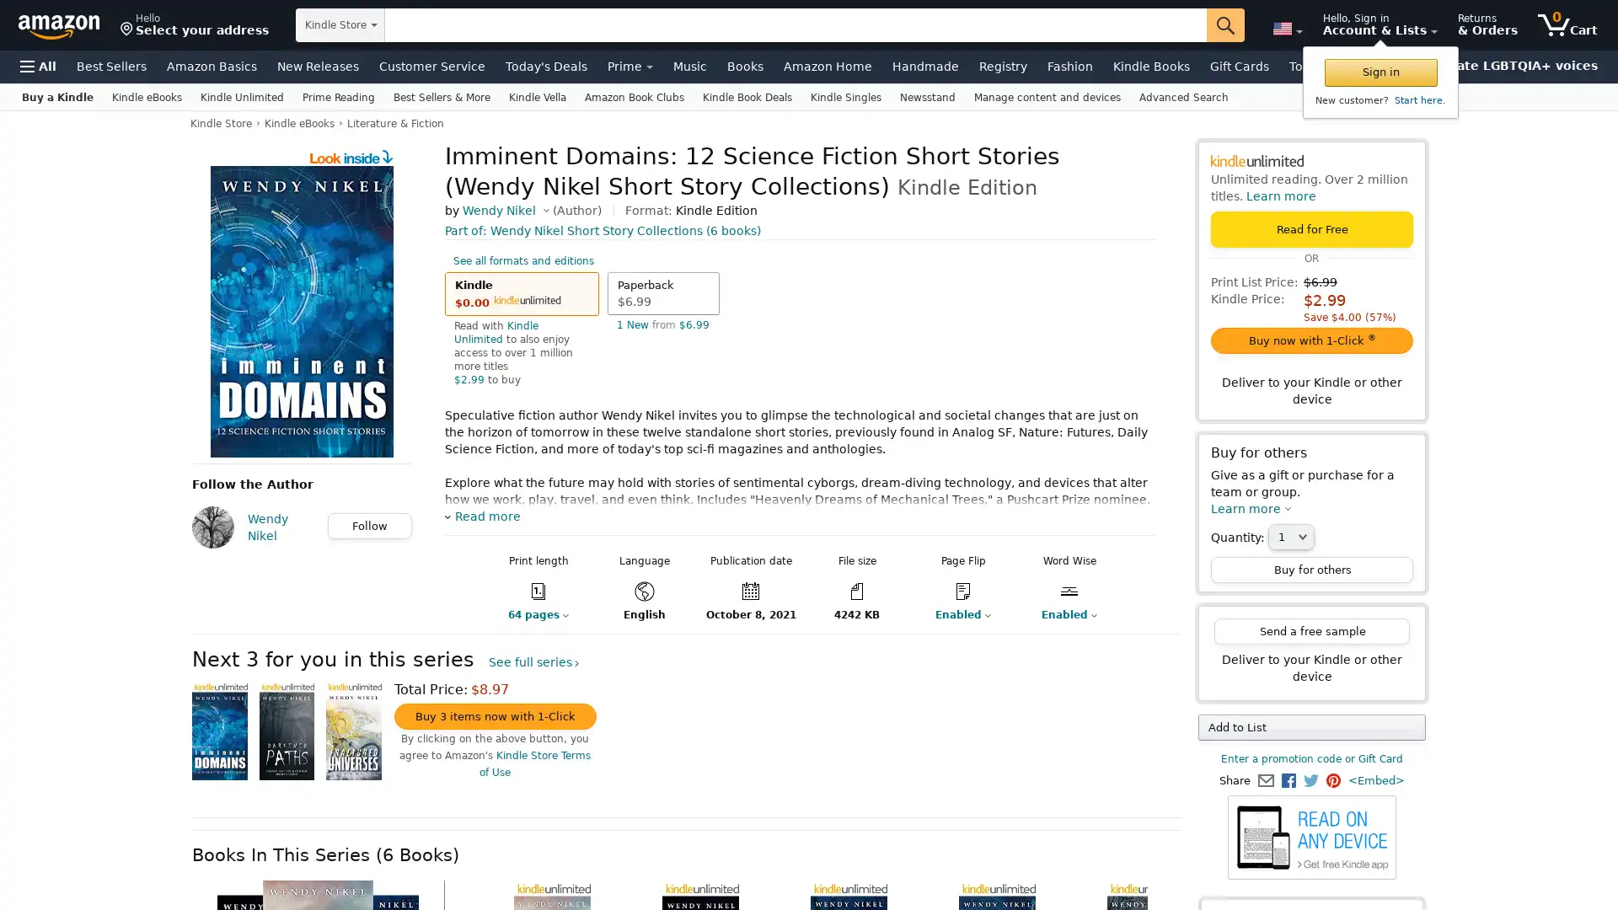 This screenshot has height=910, width=1618. I want to click on Go, so click(1225, 25).